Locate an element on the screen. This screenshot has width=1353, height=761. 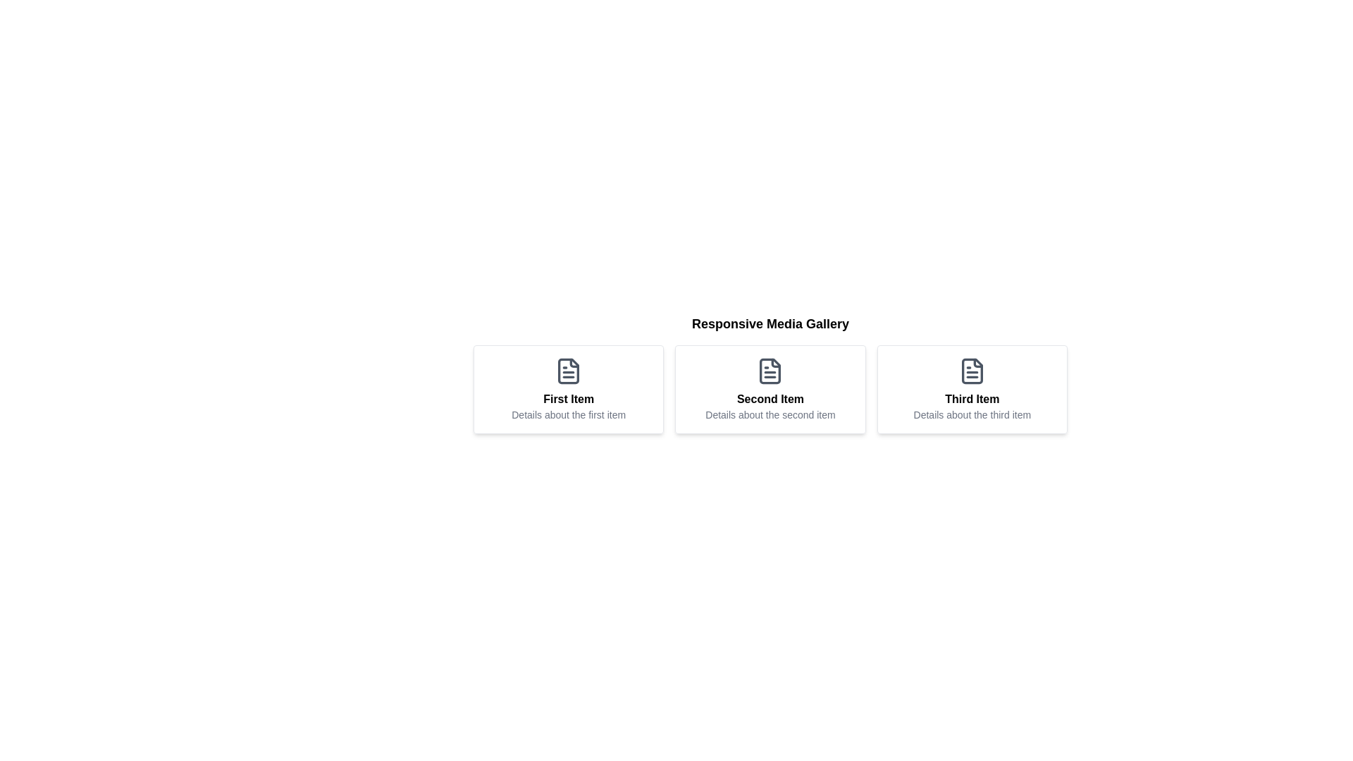
the Information card that displays a title and description for a related item, positioned centrally between the First Item and the Third Item in the grid layout is located at coordinates (770, 389).